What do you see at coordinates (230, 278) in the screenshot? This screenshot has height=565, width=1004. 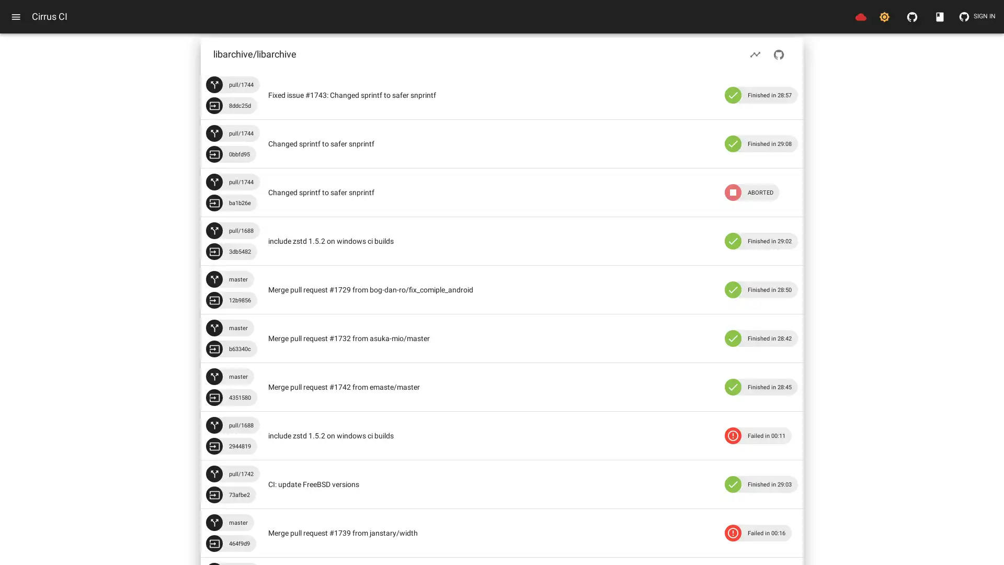 I see `master` at bounding box center [230, 278].